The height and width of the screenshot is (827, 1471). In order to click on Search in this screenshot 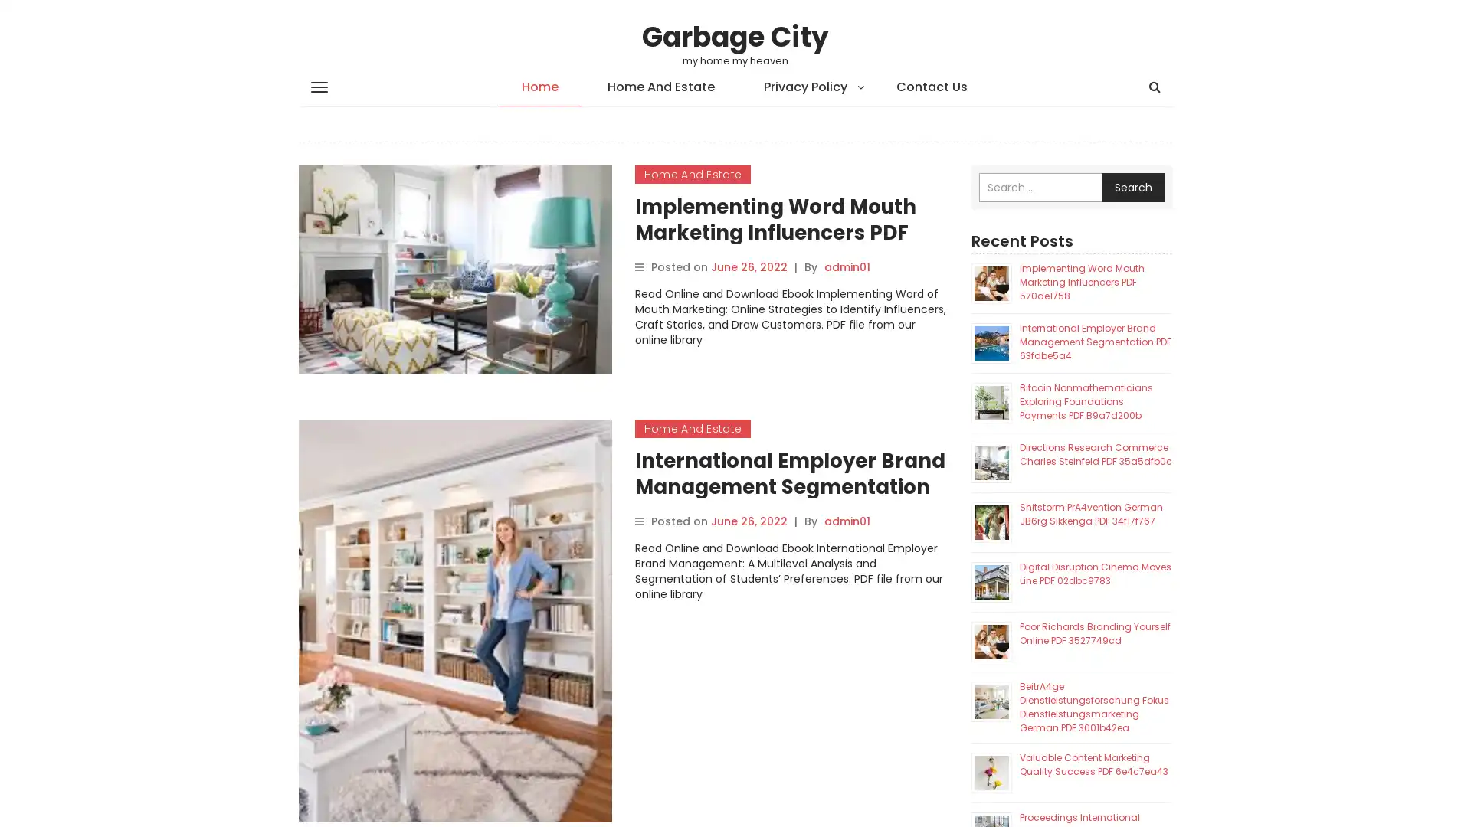, I will do `click(1133, 187)`.